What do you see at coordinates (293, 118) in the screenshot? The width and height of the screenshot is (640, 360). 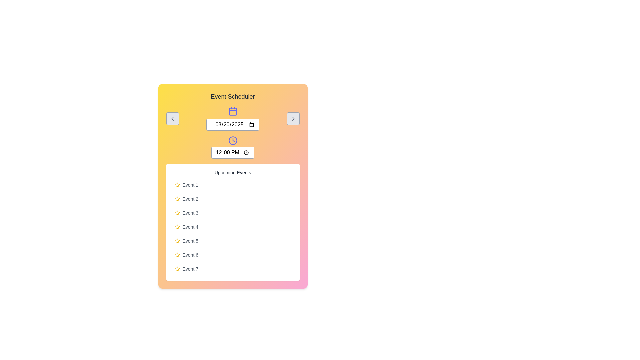 I see `the right-pointing chevron icon within the interactive button located at the top-right corner of the event scheduler interface` at bounding box center [293, 118].